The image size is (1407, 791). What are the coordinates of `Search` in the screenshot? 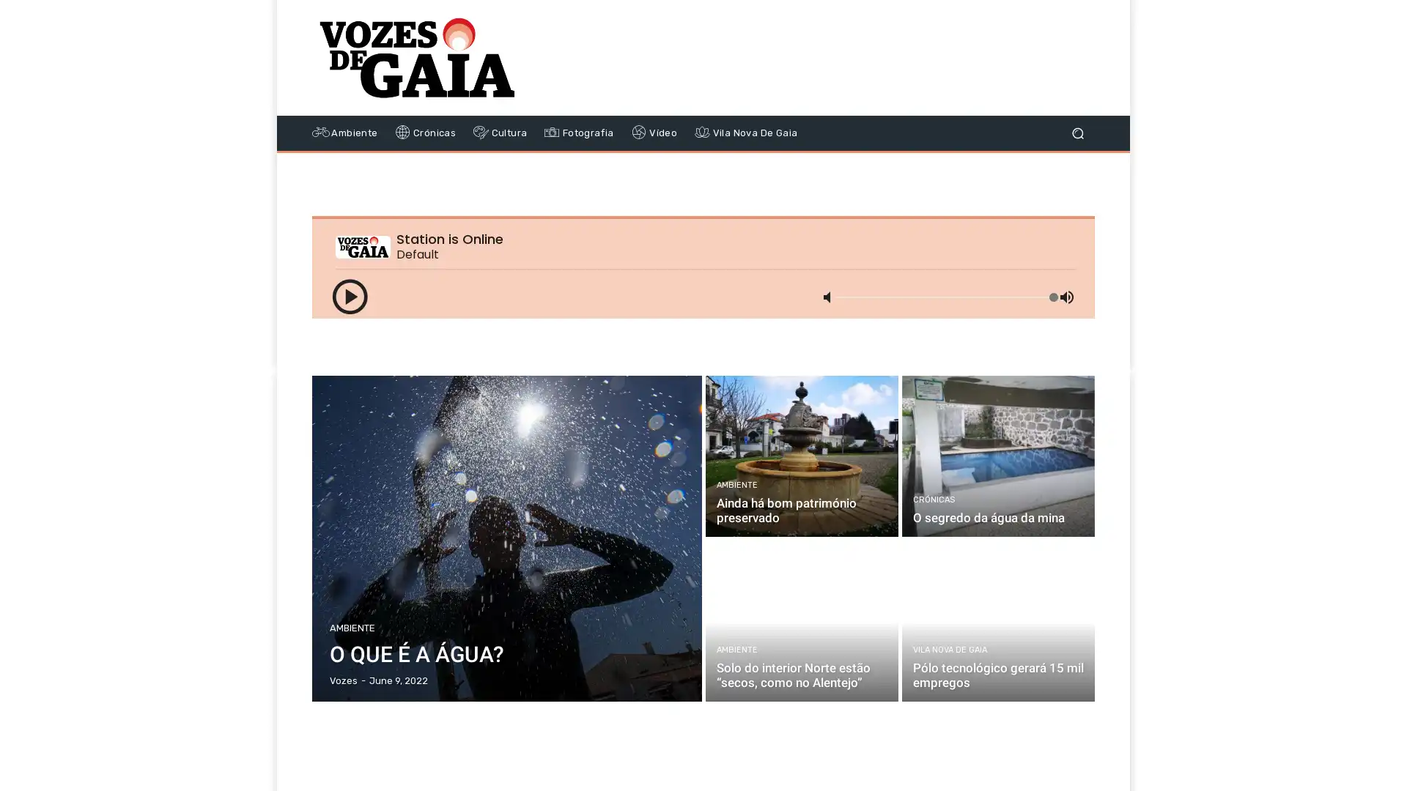 It's located at (1077, 133).